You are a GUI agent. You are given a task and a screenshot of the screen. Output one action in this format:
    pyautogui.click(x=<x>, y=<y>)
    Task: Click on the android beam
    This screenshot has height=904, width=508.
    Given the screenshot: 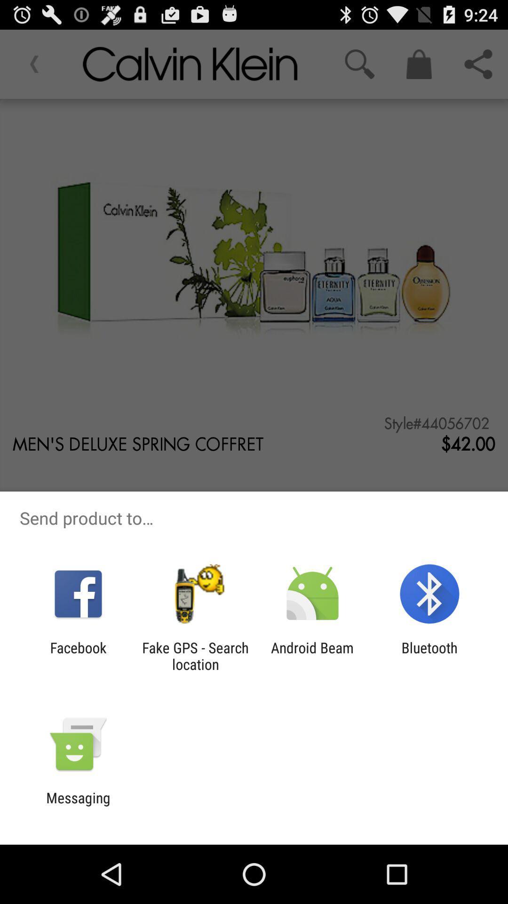 What is the action you would take?
    pyautogui.click(x=312, y=655)
    